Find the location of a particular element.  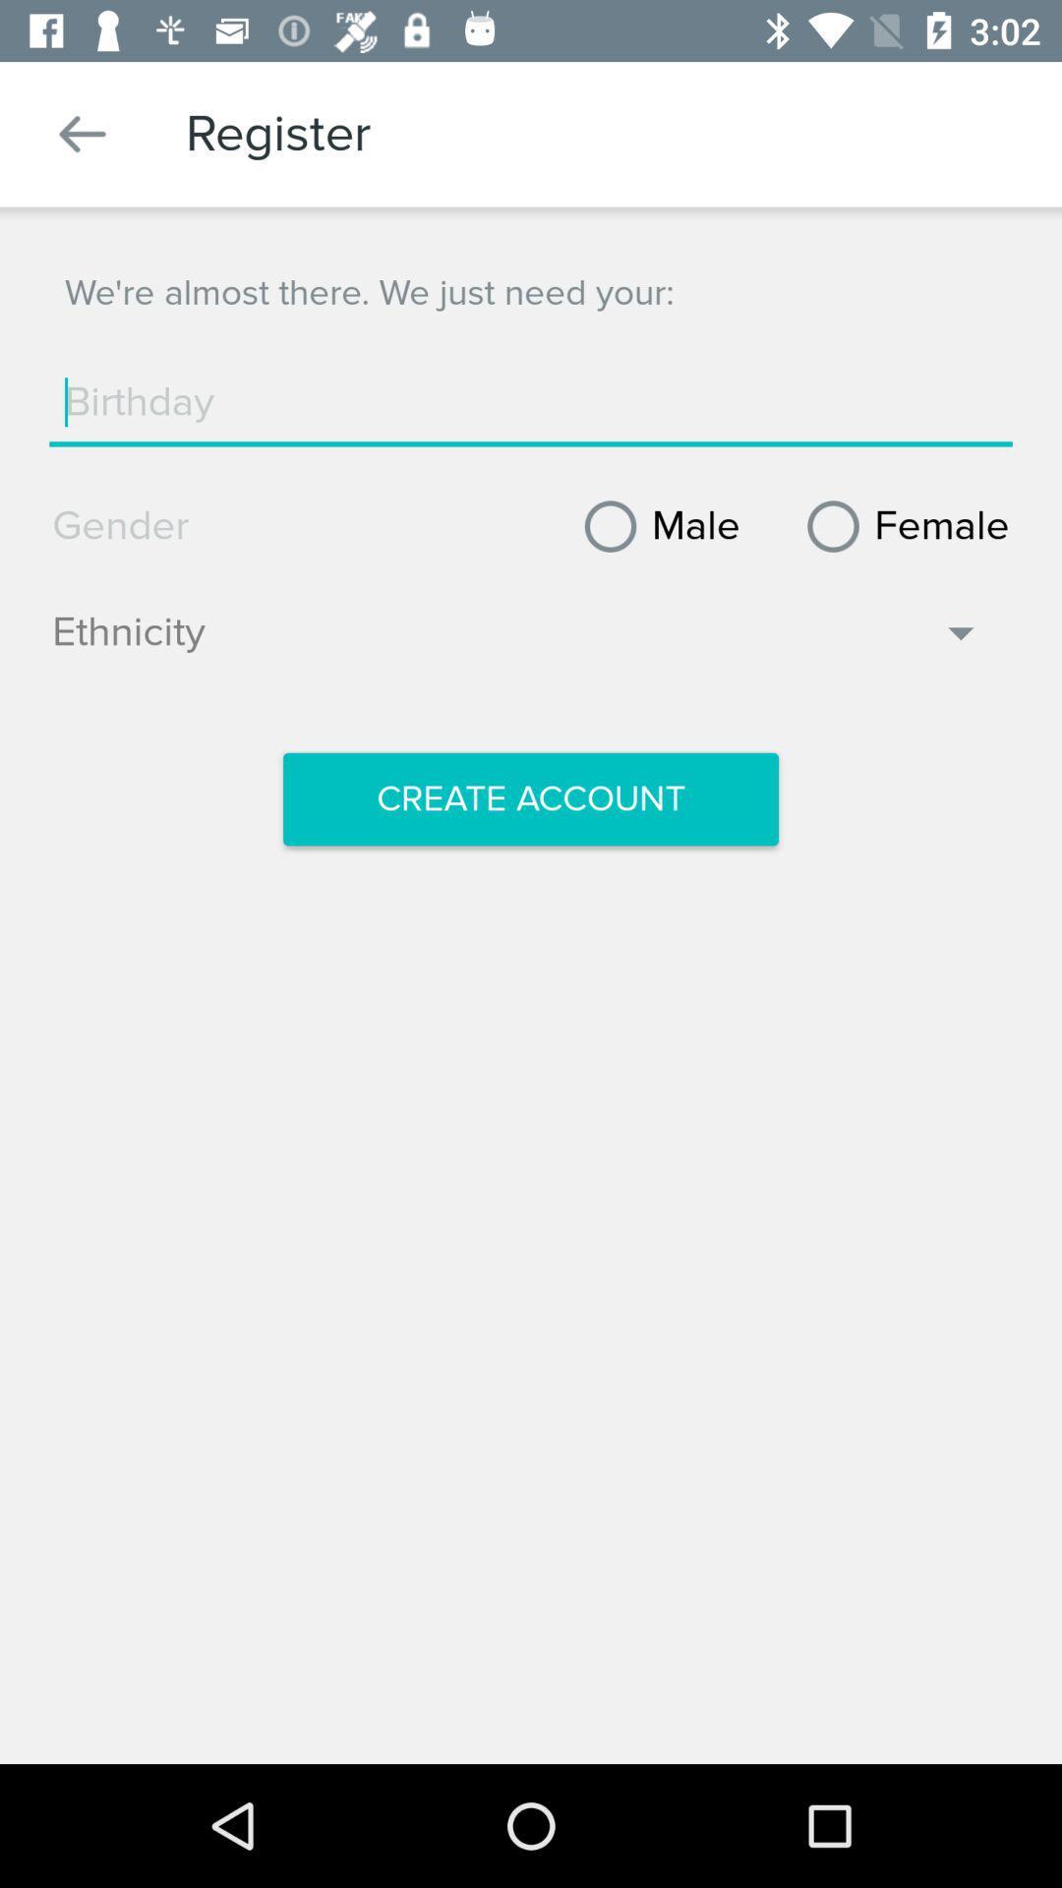

birthday is located at coordinates (531, 401).